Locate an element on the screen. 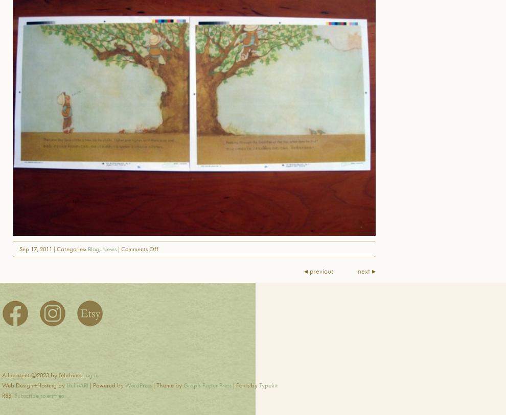 This screenshot has width=506, height=415. 'Typekit' is located at coordinates (258, 385).